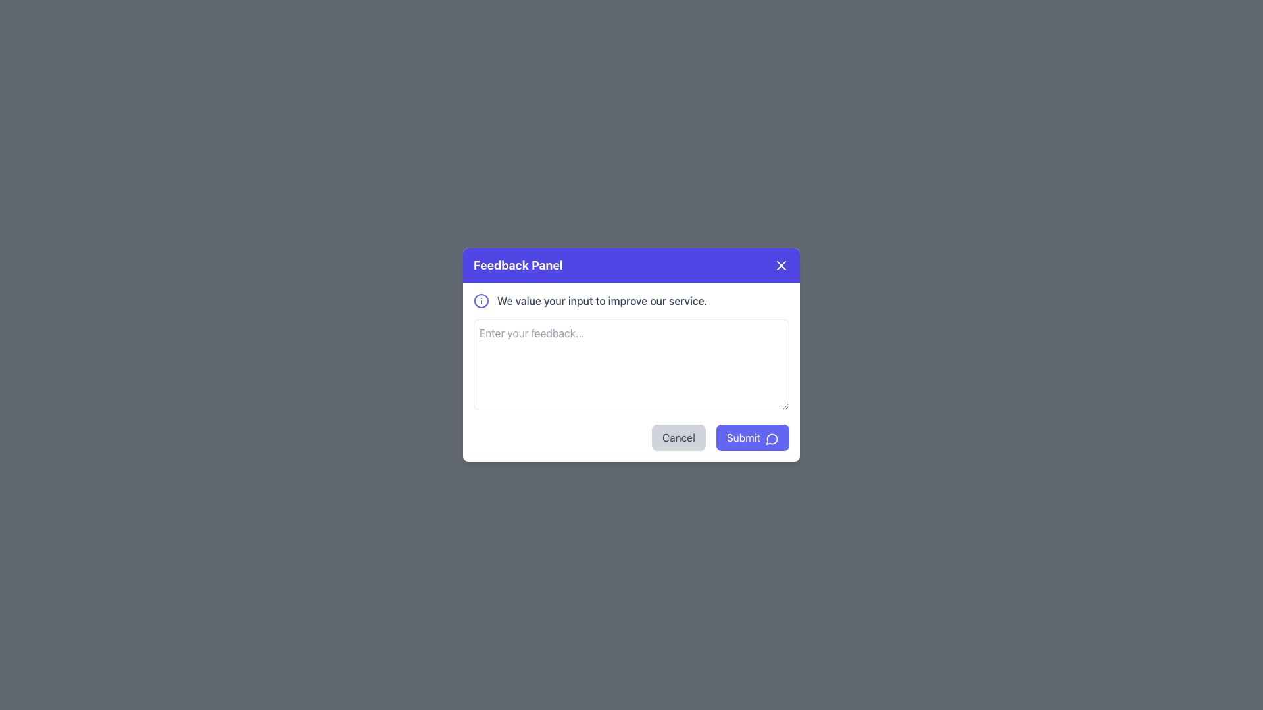 The image size is (1263, 710). I want to click on the close icon button located in the top right corner of the 'Feedback Panel', so click(781, 266).